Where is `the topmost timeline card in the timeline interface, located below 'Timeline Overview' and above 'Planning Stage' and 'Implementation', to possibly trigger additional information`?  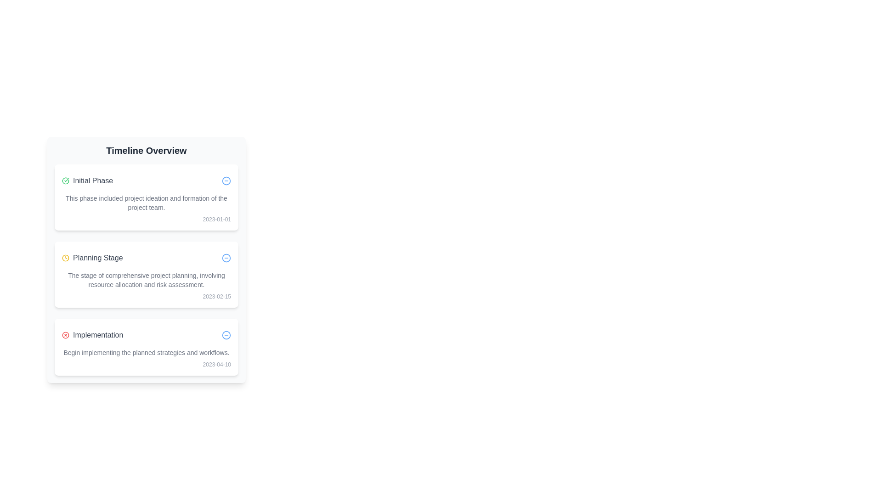 the topmost timeline card in the timeline interface, located below 'Timeline Overview' and above 'Planning Stage' and 'Implementation', to possibly trigger additional information is located at coordinates (146, 197).